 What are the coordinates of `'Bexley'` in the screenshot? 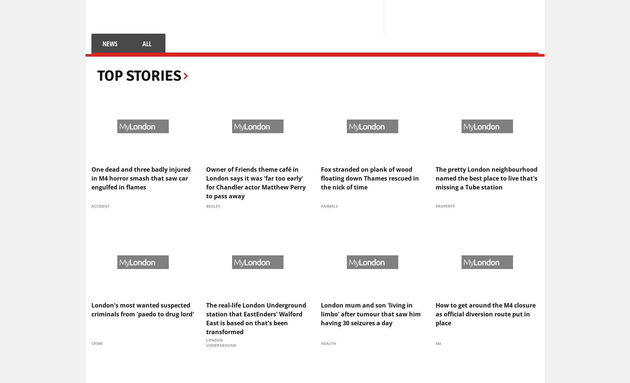 It's located at (213, 205).